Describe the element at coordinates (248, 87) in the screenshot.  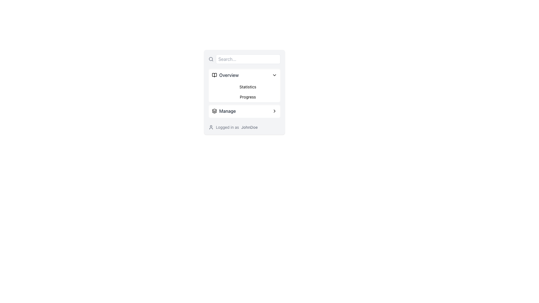
I see `the text label within the 'Overview' dropdown menu` at that location.